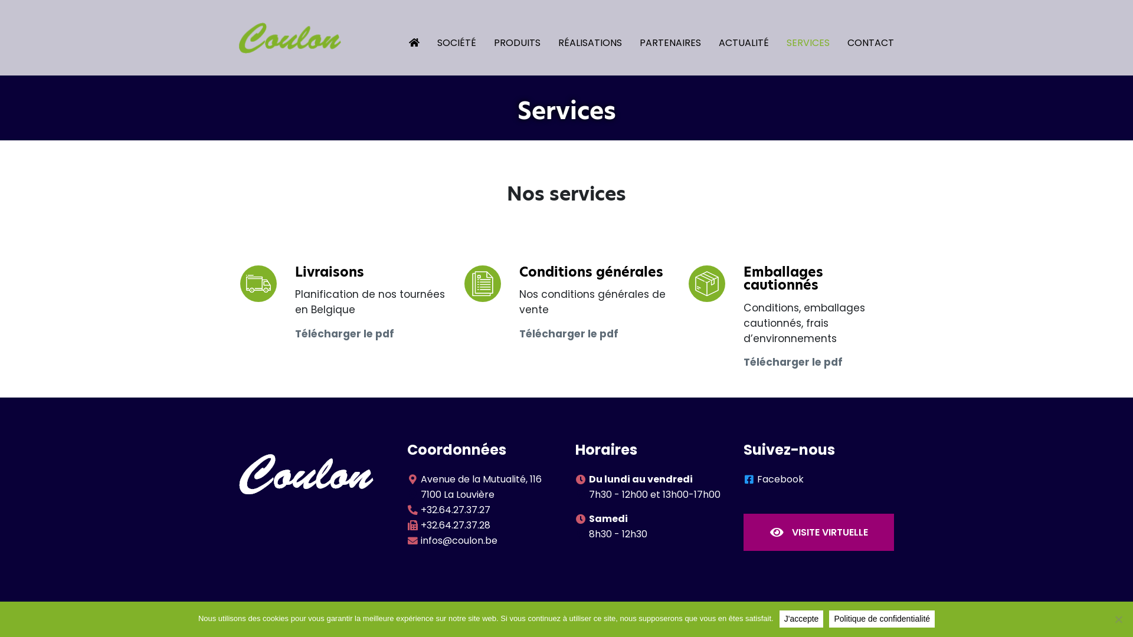 The width and height of the screenshot is (1133, 637). I want to click on 'PARTENAIRES', so click(662, 37).